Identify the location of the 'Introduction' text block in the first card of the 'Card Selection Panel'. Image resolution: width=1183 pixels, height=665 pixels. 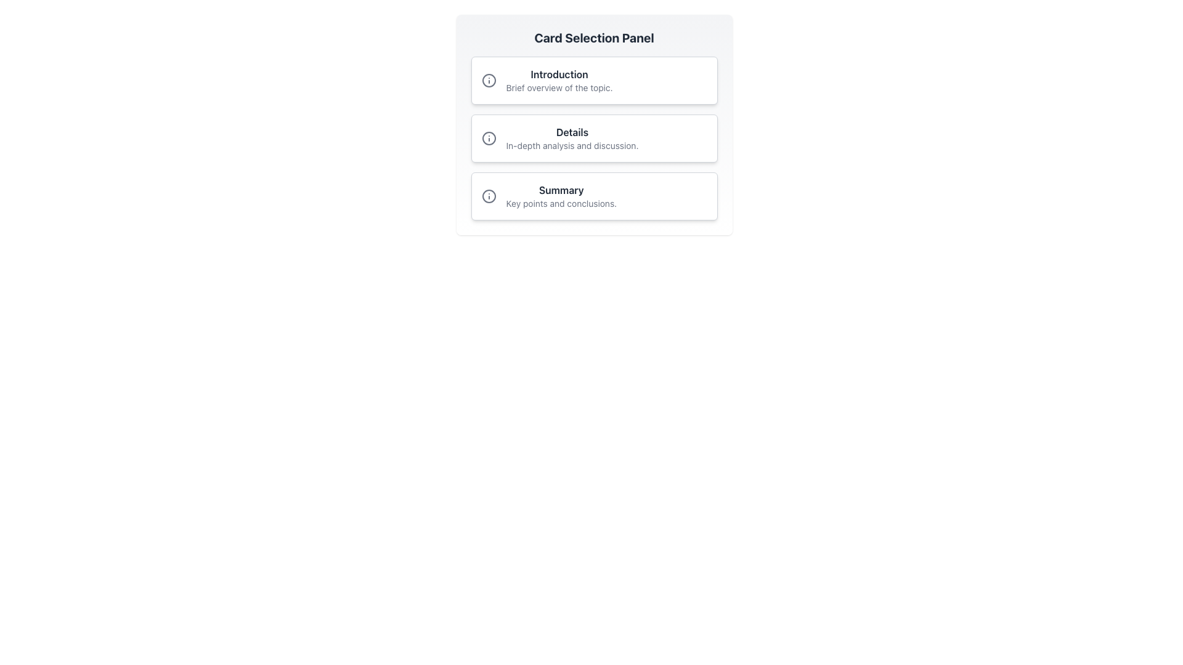
(558, 81).